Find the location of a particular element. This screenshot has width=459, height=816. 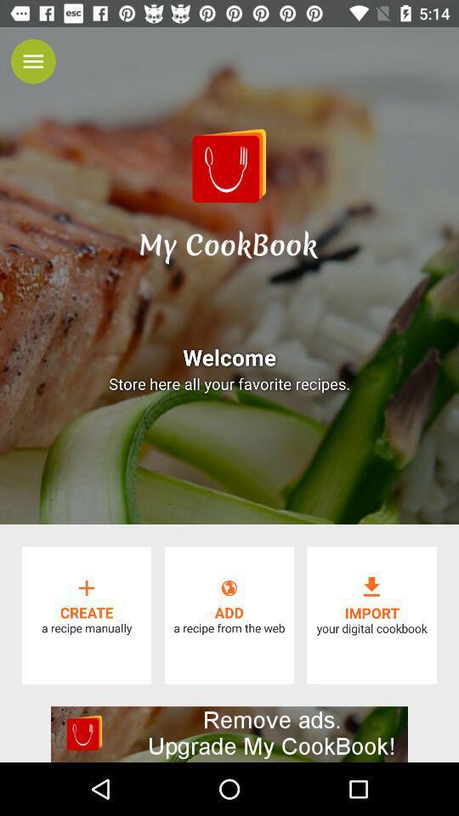

menu is located at coordinates (33, 61).